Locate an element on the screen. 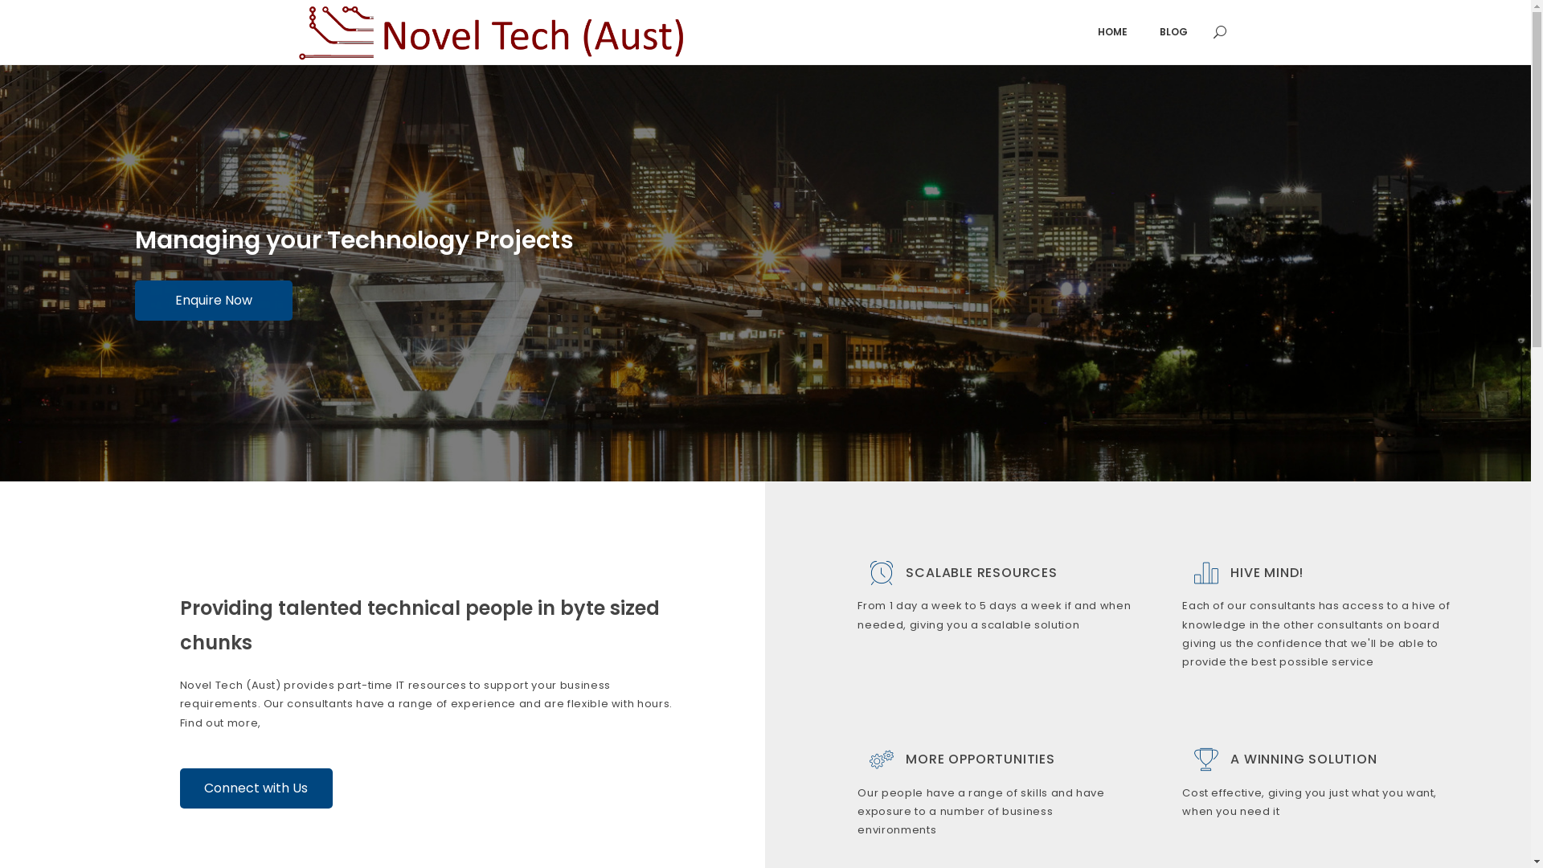 This screenshot has height=868, width=1543. 'Enquire Now' is located at coordinates (135, 300).